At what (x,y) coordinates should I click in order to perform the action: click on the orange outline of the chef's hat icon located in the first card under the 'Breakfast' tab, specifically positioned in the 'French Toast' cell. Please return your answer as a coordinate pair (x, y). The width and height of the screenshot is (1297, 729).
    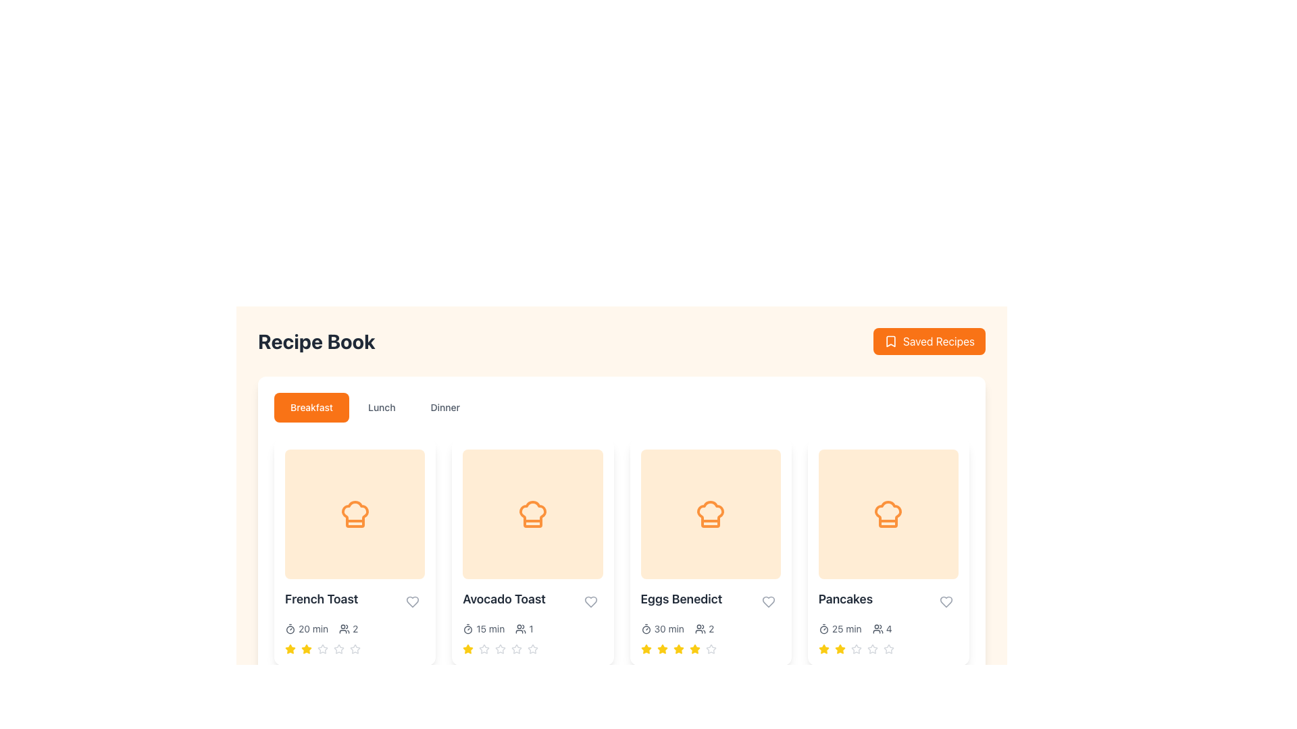
    Looking at the image, I should click on (355, 514).